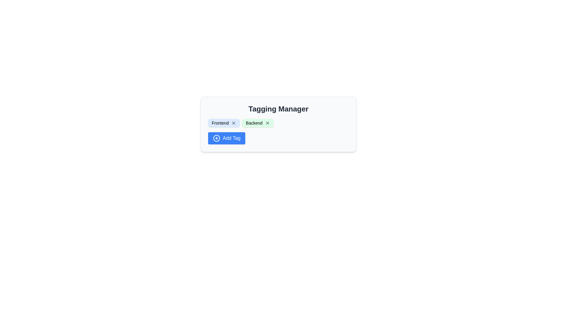 The height and width of the screenshot is (329, 585). What do you see at coordinates (267, 123) in the screenshot?
I see `the close ('X') button located to the right of the 'Backend' label within a green tag-like element to change its color from text-gray-600 to text-red-500` at bounding box center [267, 123].